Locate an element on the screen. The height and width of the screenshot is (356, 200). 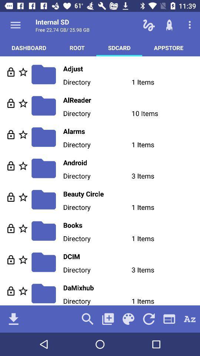
item below the directory is located at coordinates (107, 319).